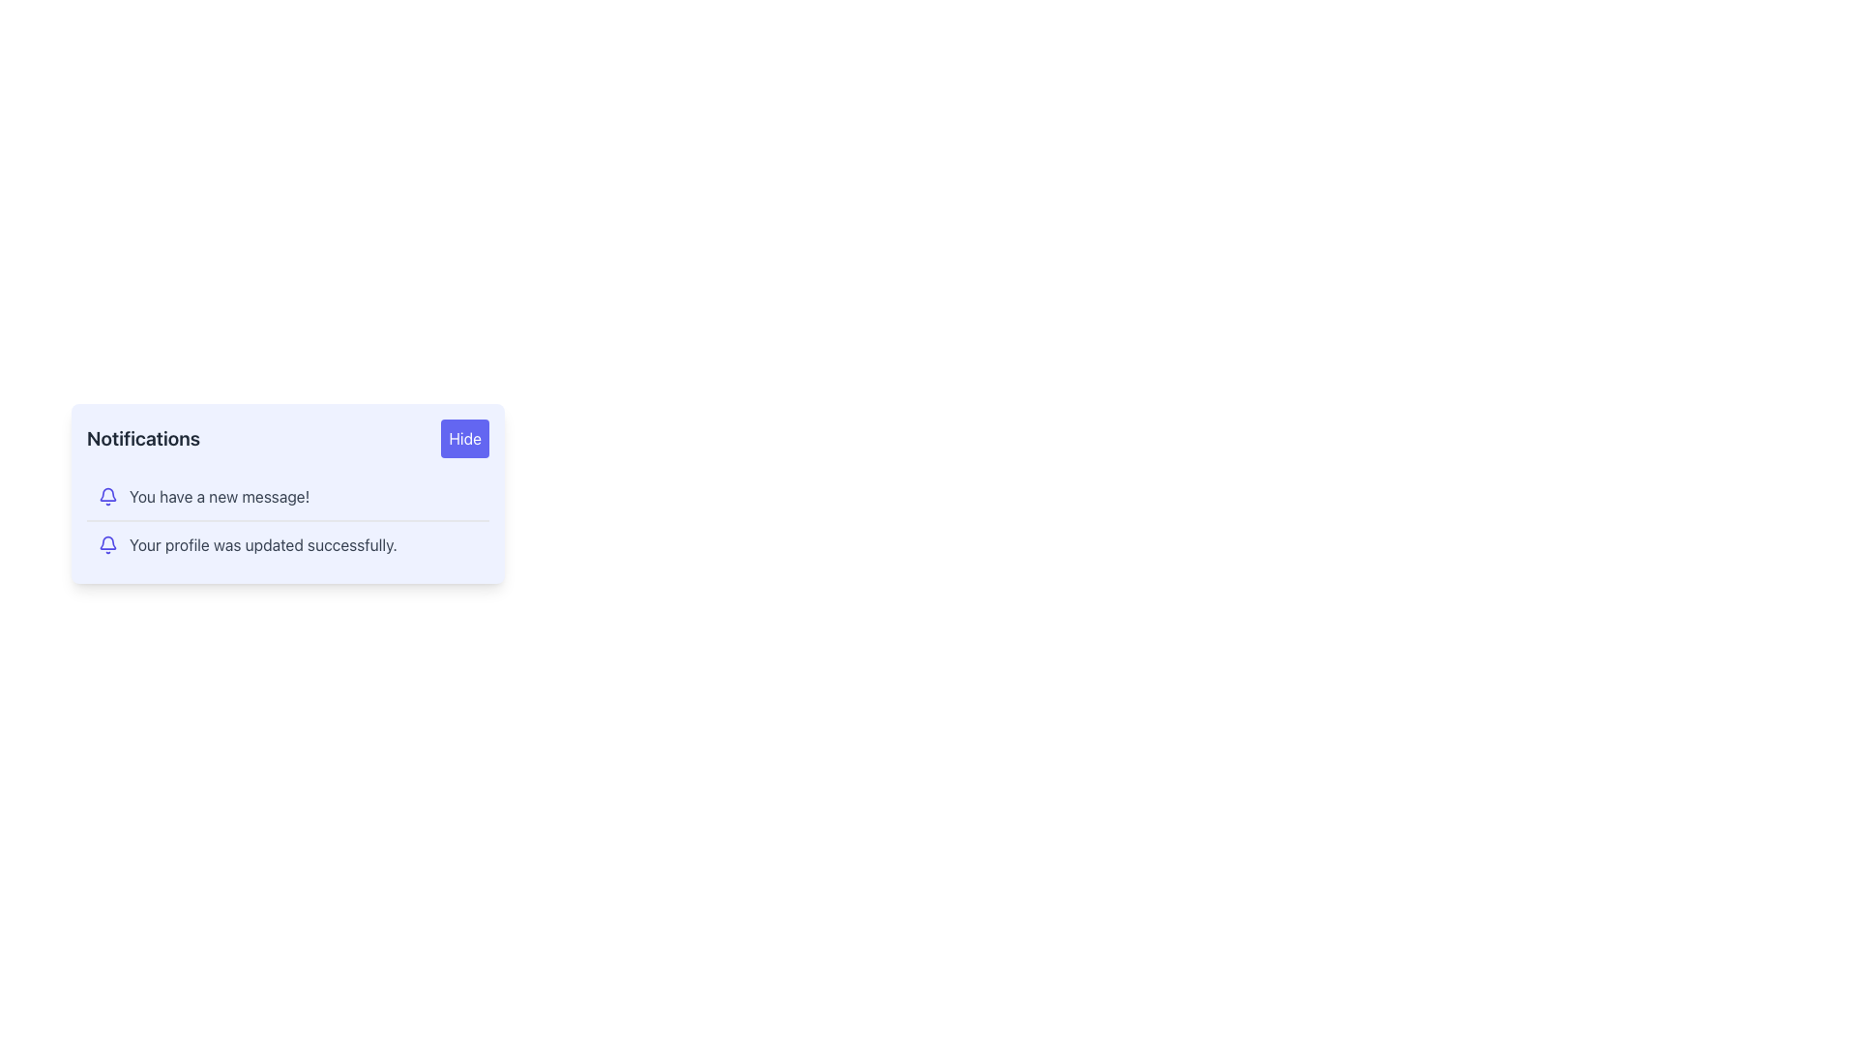  Describe the element at coordinates (106, 493) in the screenshot. I see `the bell icon in the notifications list, which indicates updates or messages and is located to the left of the text 'Your profile was updated successfully.'` at that location.